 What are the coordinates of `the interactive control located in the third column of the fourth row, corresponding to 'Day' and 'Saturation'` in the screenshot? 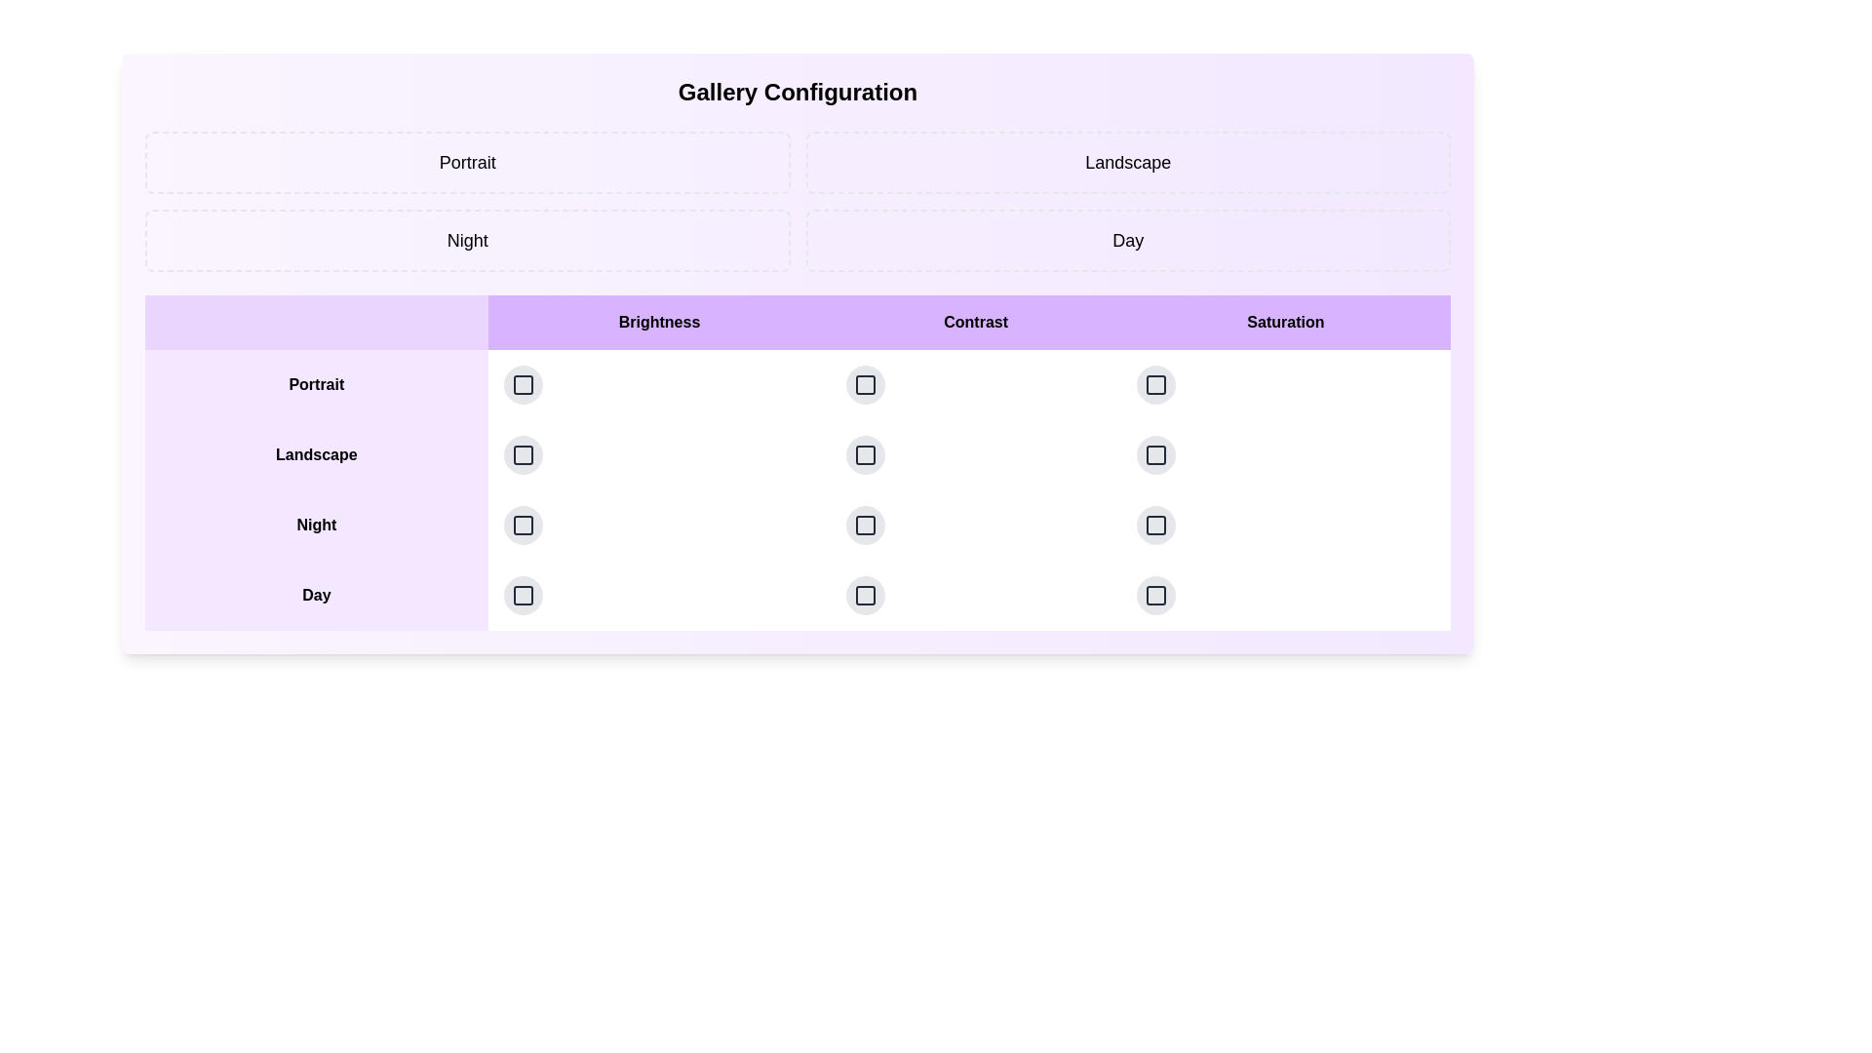 It's located at (1155, 454).